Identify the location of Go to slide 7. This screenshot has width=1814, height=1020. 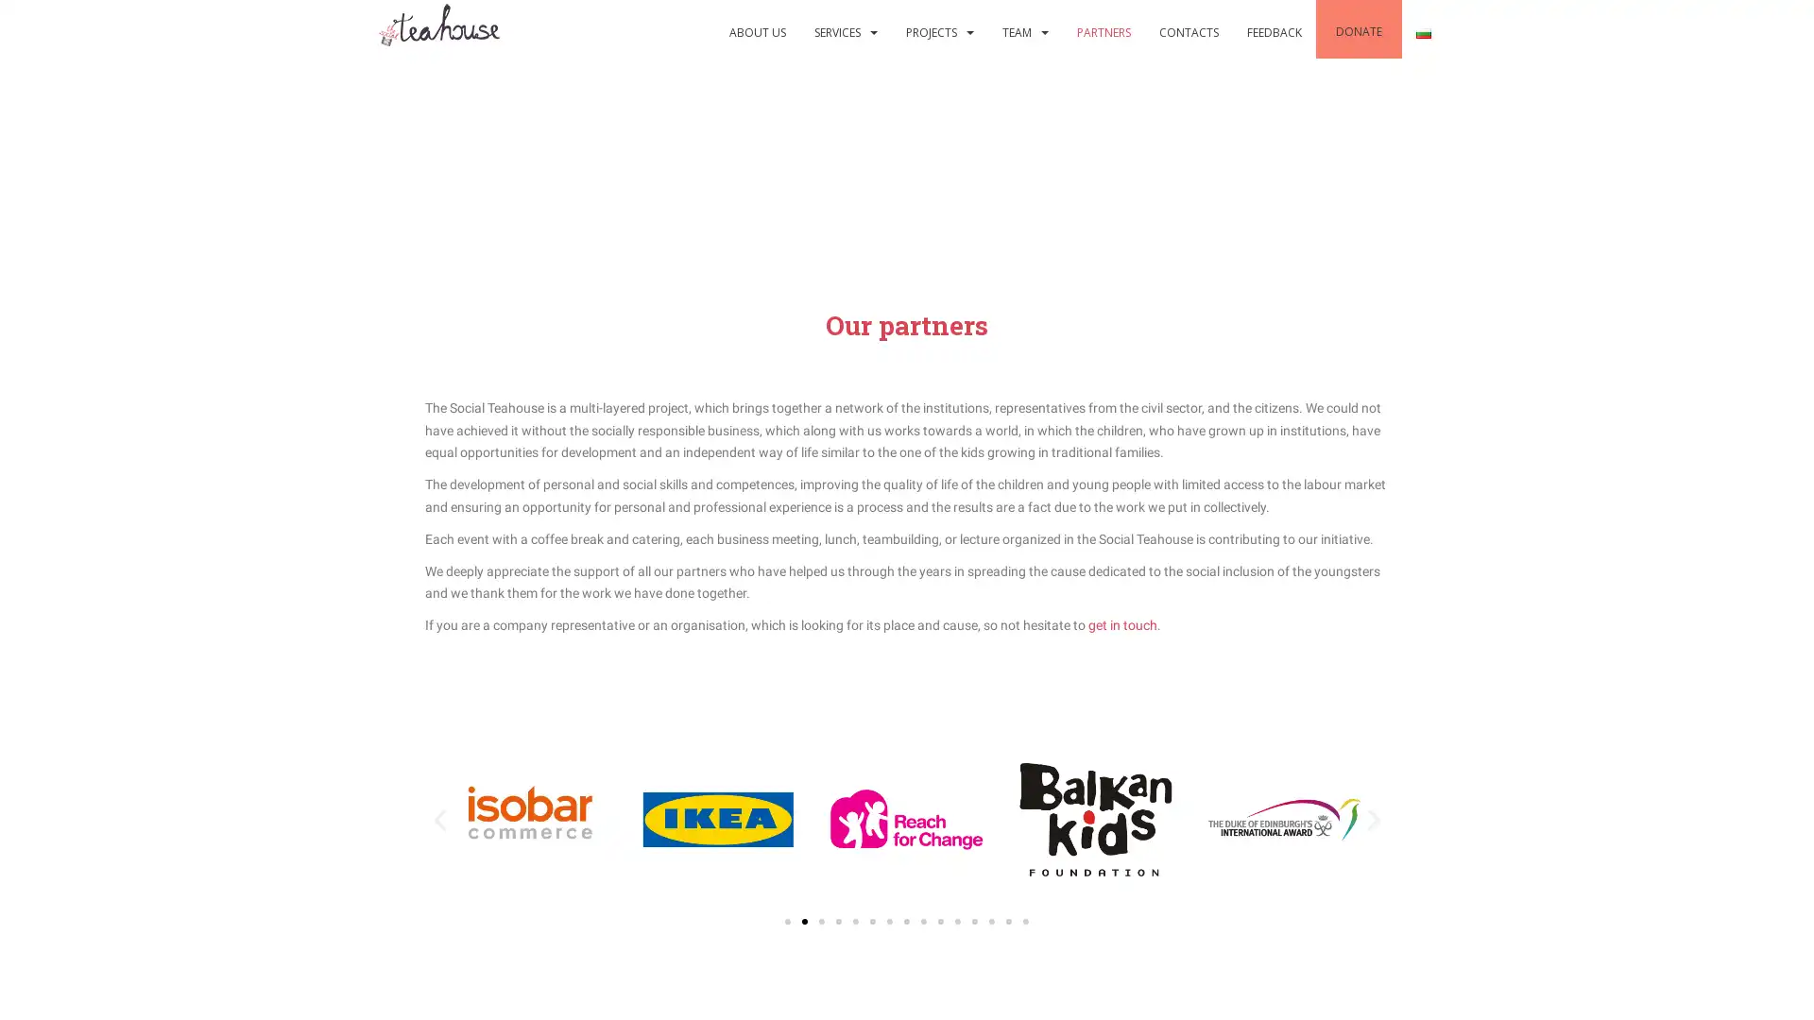
(888, 920).